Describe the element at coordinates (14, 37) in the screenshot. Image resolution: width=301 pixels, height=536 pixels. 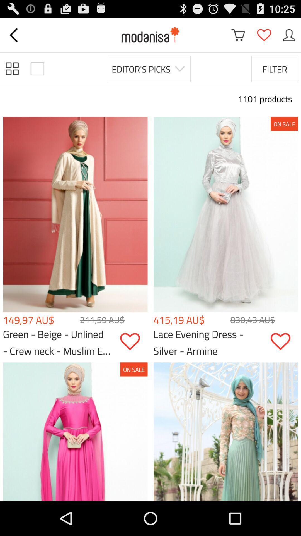
I see `the arrow_backward icon` at that location.